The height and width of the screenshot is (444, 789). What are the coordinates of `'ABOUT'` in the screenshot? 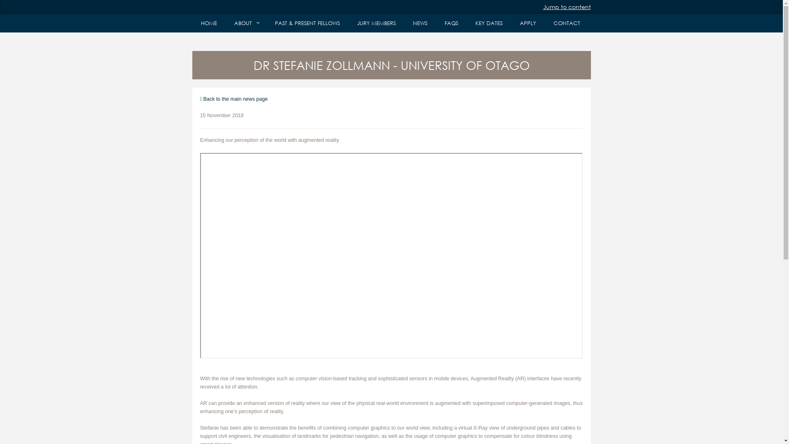 It's located at (245, 23).